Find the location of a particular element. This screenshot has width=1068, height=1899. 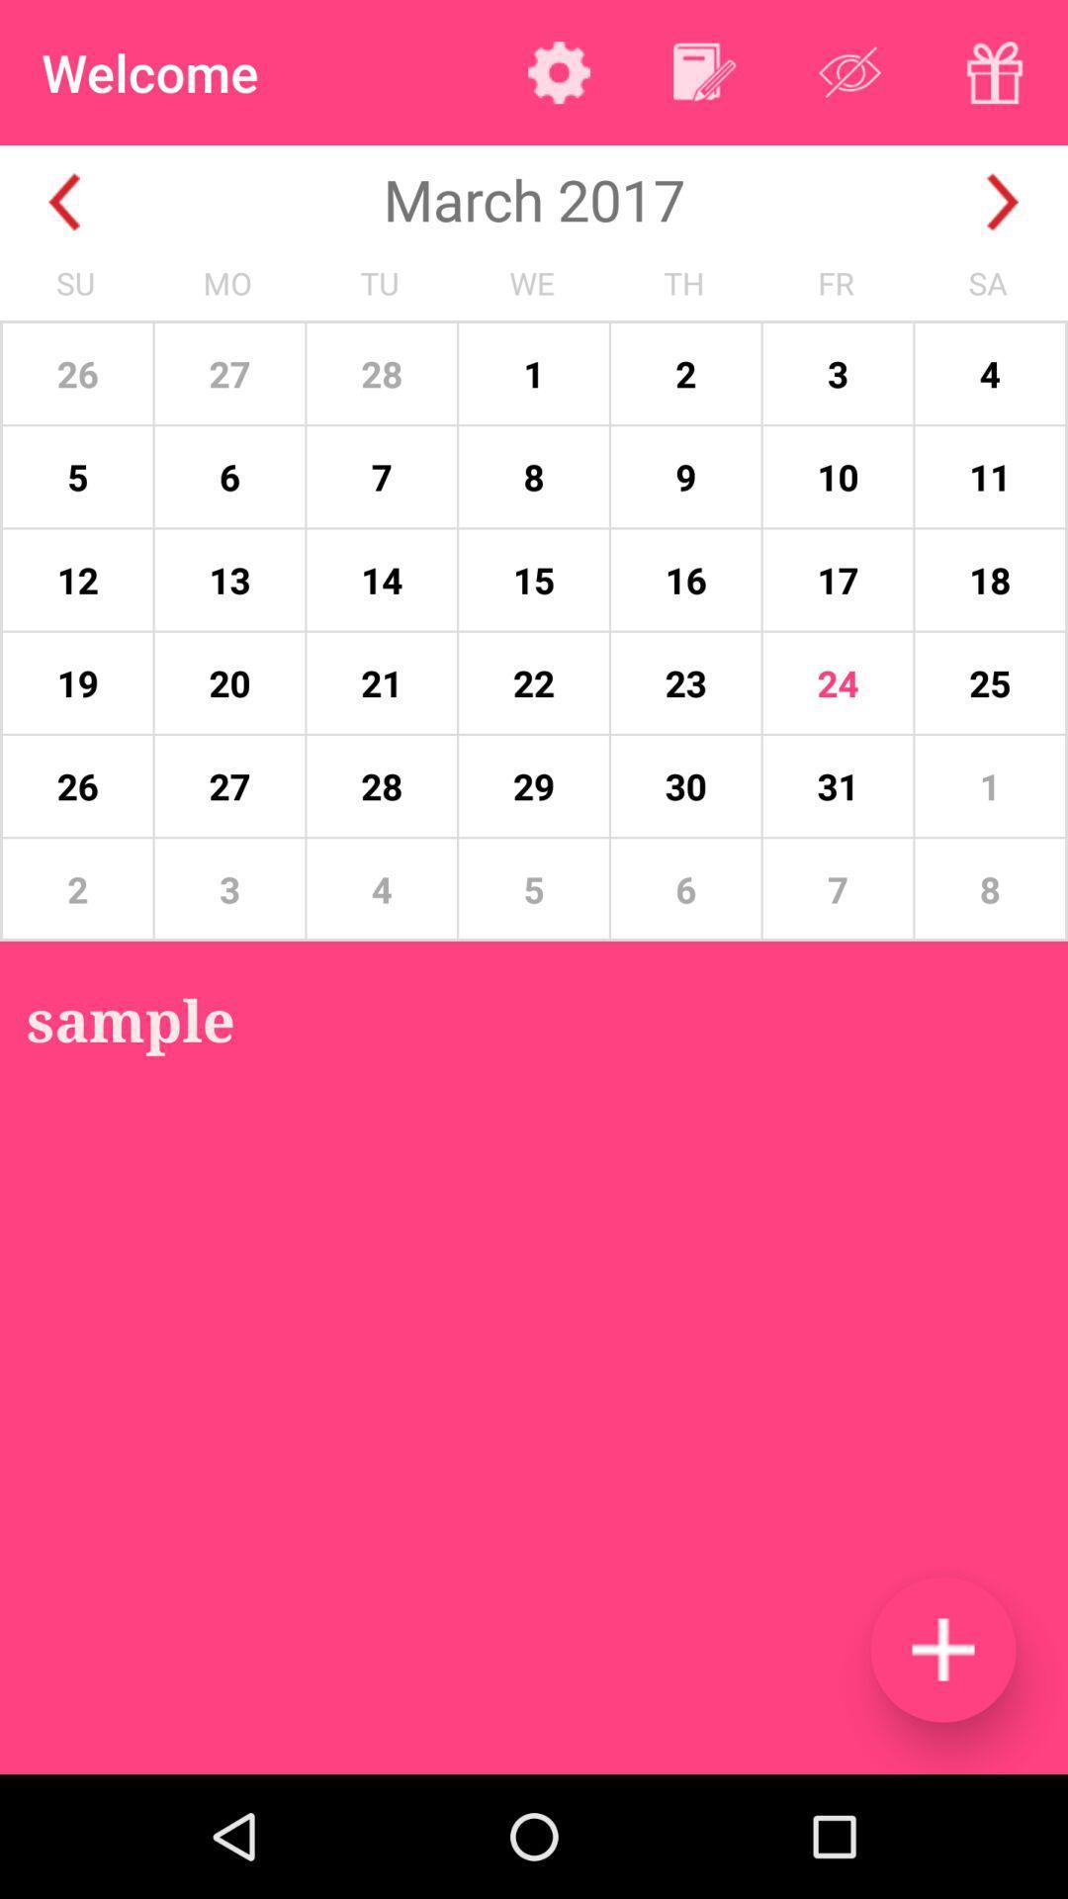

new is located at coordinates (941, 1649).